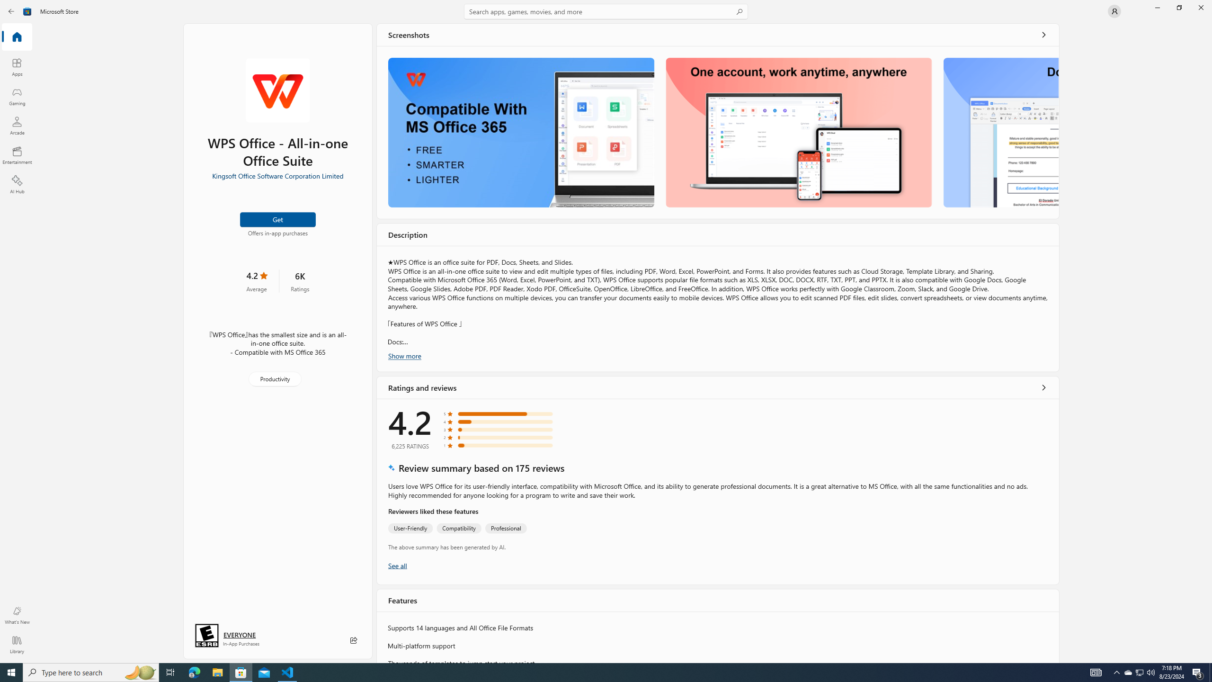 The image size is (1212, 682). I want to click on 'Get', so click(278, 219).